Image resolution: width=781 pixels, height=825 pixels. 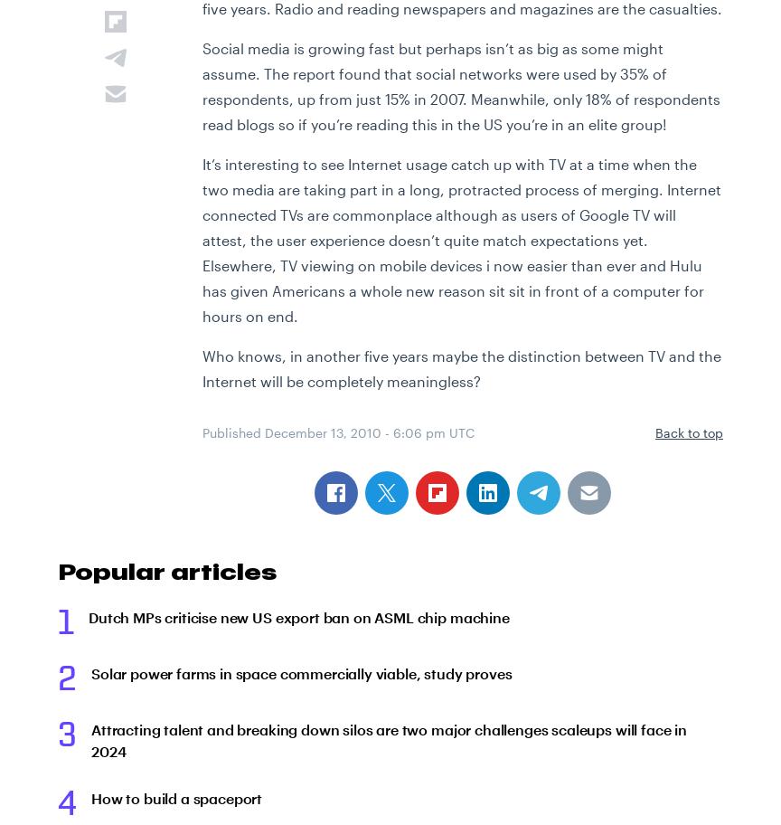 What do you see at coordinates (202, 240) in the screenshot?
I see `'It’s interesting to see Internet usage catch up with TV at a time when the two media are taking part in a long, protracted process of merging. Internet connected TVs are commonplace although as users of Google TV will attest, the user experience doesn’t quite match expectations yet. Elsewhere, TV viewing on mobile devices i now easier than ever and Hulu has given Americans a whole new reason sit sit in front of a computer for hours on end.'` at bounding box center [202, 240].